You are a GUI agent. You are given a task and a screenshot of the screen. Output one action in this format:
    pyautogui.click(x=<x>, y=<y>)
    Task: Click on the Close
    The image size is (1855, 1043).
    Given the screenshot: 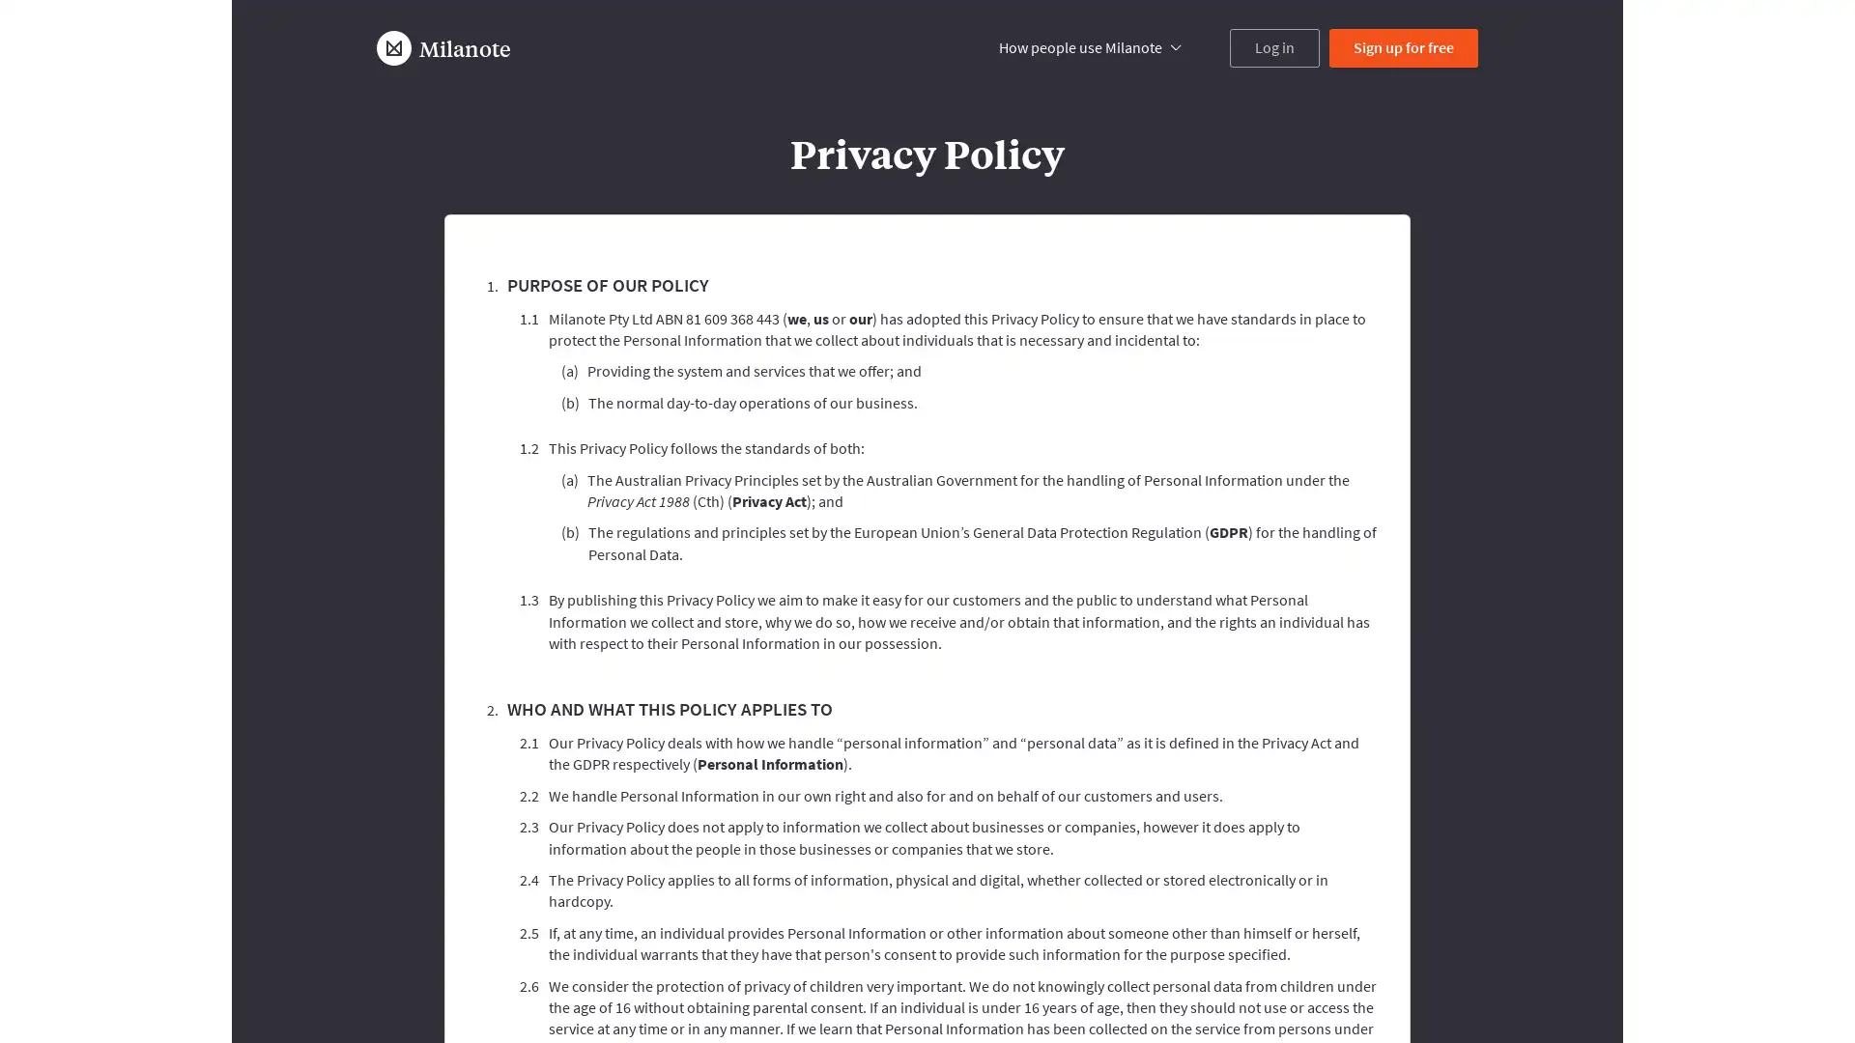 What is the action you would take?
    pyautogui.click(x=1413, y=926)
    